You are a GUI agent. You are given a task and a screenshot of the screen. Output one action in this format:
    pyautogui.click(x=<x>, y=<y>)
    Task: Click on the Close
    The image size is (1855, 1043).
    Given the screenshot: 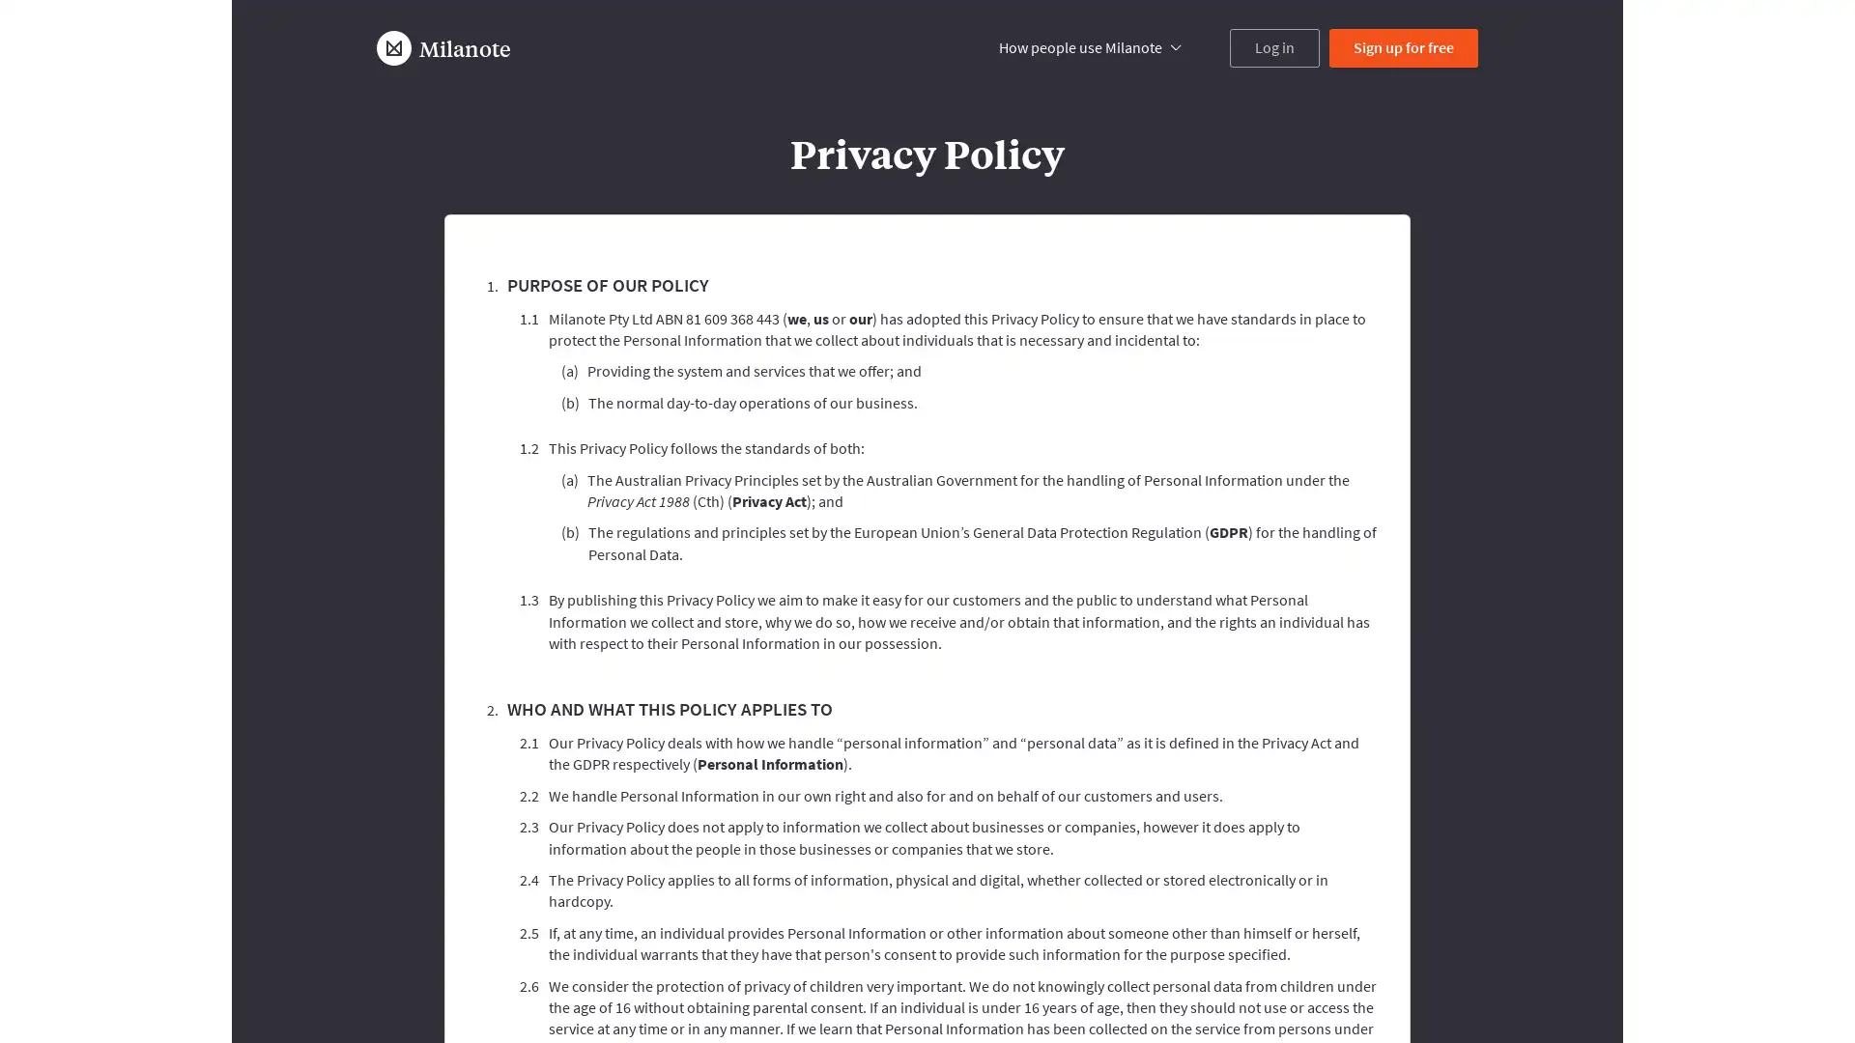 What is the action you would take?
    pyautogui.click(x=1413, y=926)
    